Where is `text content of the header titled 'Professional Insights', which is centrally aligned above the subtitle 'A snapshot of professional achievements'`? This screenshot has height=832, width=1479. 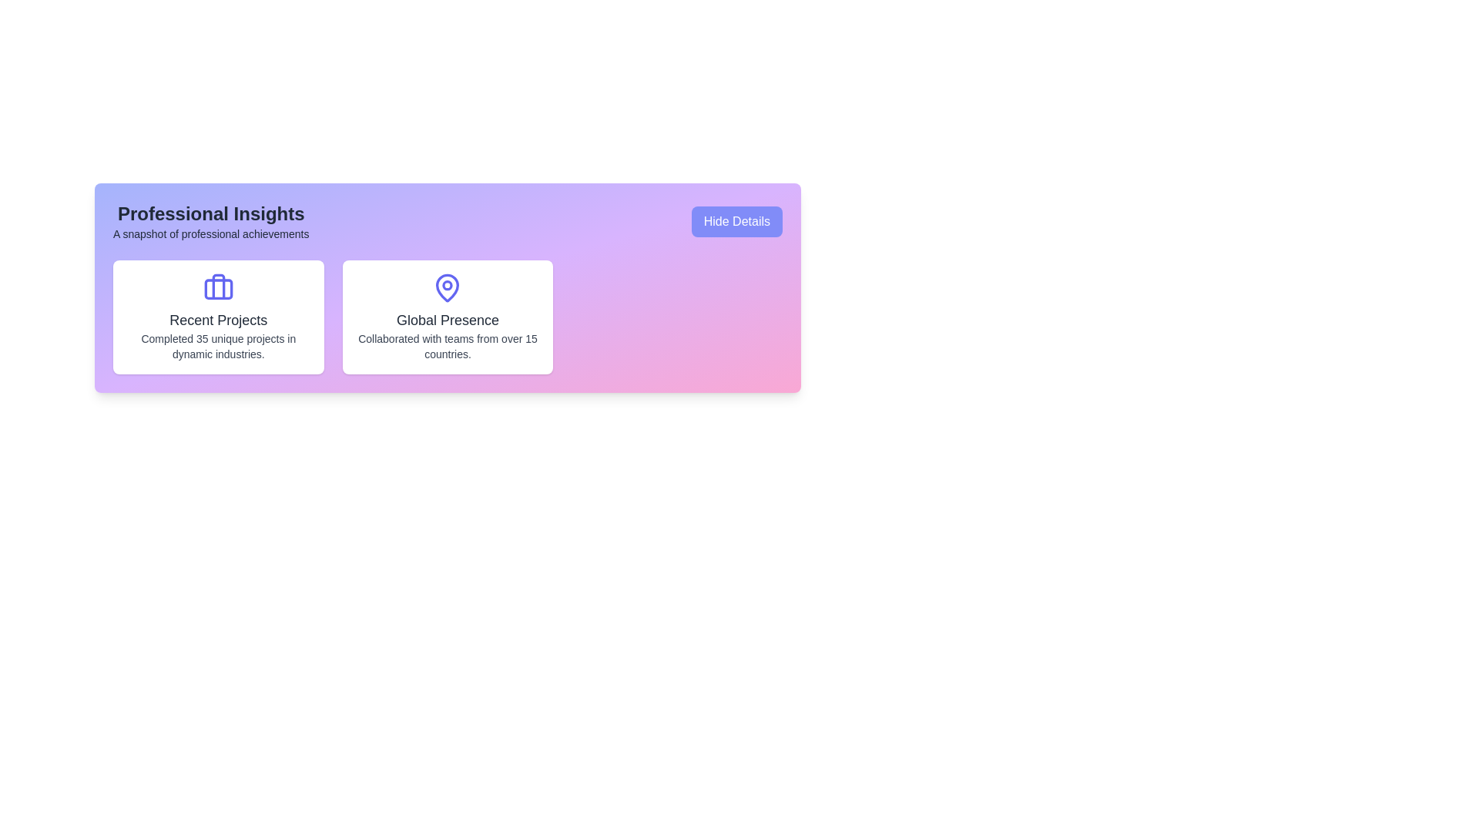
text content of the header titled 'Professional Insights', which is centrally aligned above the subtitle 'A snapshot of professional achievements' is located at coordinates (210, 213).